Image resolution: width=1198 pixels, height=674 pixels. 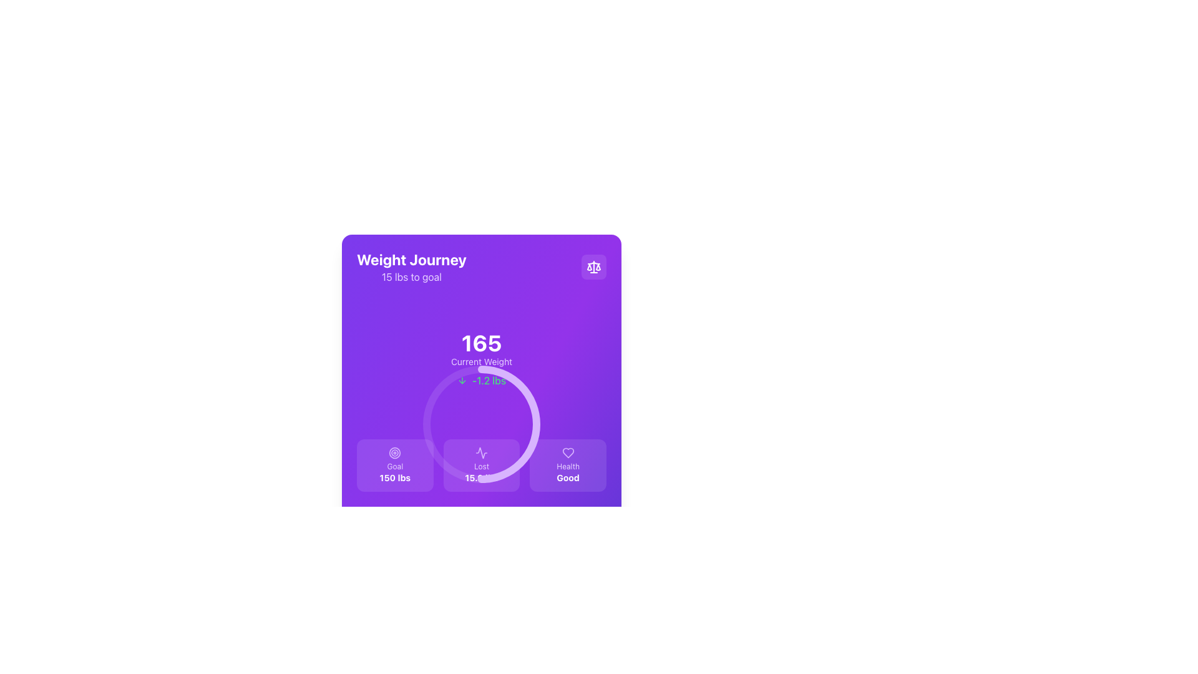 What do you see at coordinates (481, 423) in the screenshot?
I see `the progress indicated by the circular visual indicator, which is styled with a white stroke against a purple background and is centrally located beneath the title '165'` at bounding box center [481, 423].